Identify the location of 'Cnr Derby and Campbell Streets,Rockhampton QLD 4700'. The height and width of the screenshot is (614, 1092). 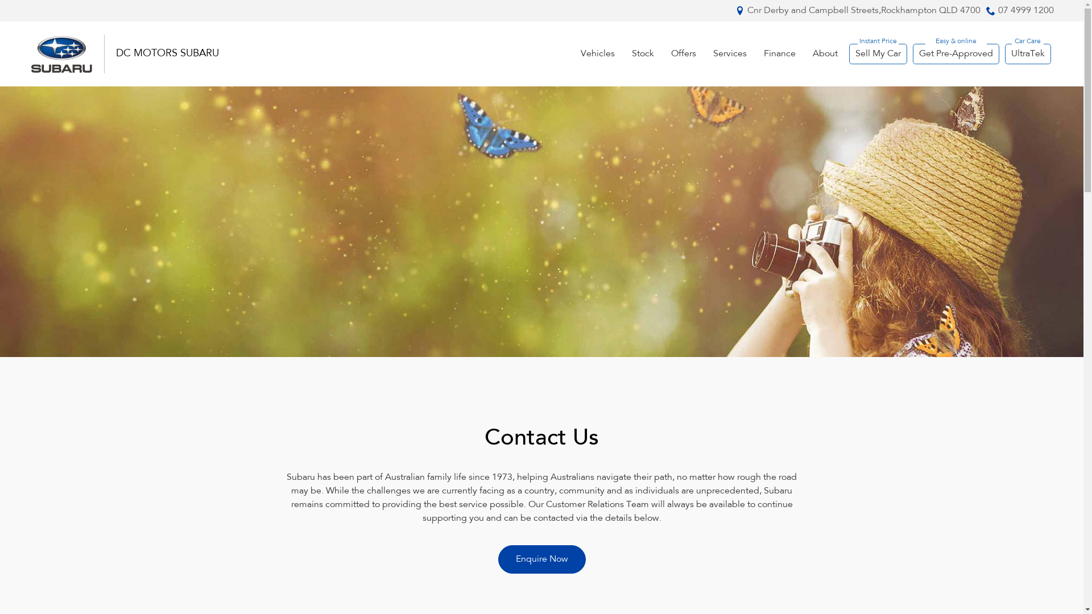
(863, 11).